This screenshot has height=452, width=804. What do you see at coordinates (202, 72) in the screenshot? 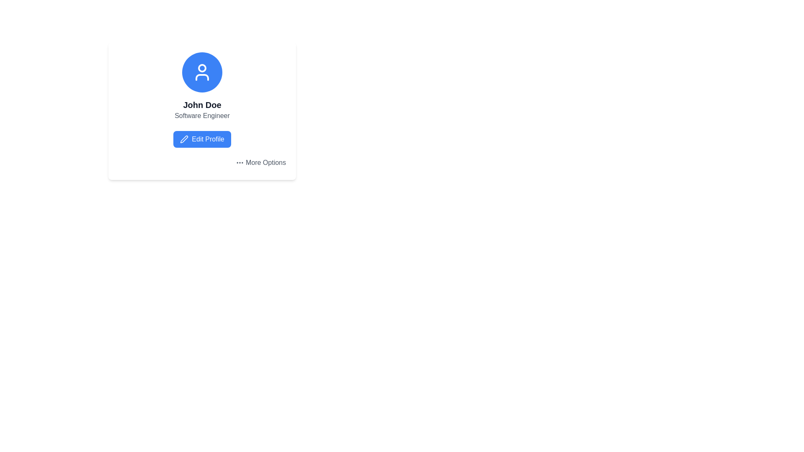
I see `the user icon, which is a rounded outline symbolizing a head and shoulders in white color, centrally placed within a circular blue background on the profile card layout` at bounding box center [202, 72].